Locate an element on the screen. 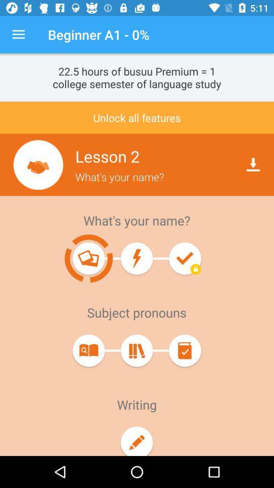  tick mark below text whats your name is located at coordinates (184, 258).